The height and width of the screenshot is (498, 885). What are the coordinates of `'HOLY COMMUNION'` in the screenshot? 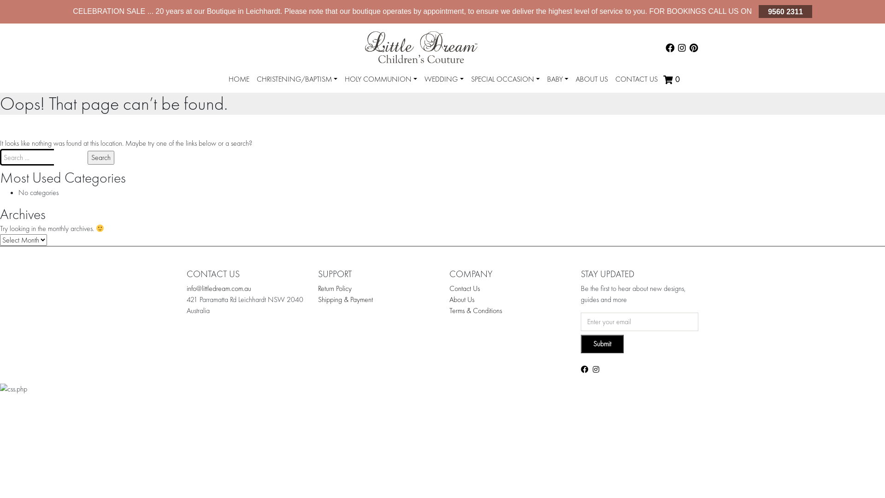 It's located at (381, 79).